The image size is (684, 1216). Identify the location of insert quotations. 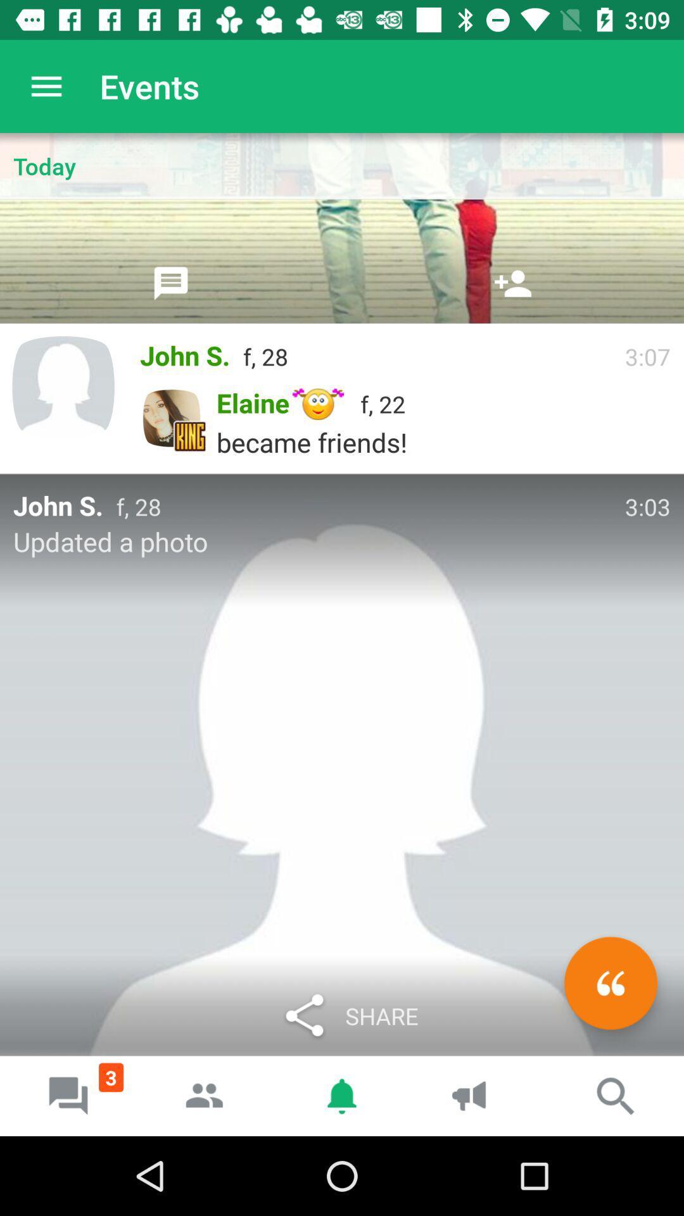
(610, 982).